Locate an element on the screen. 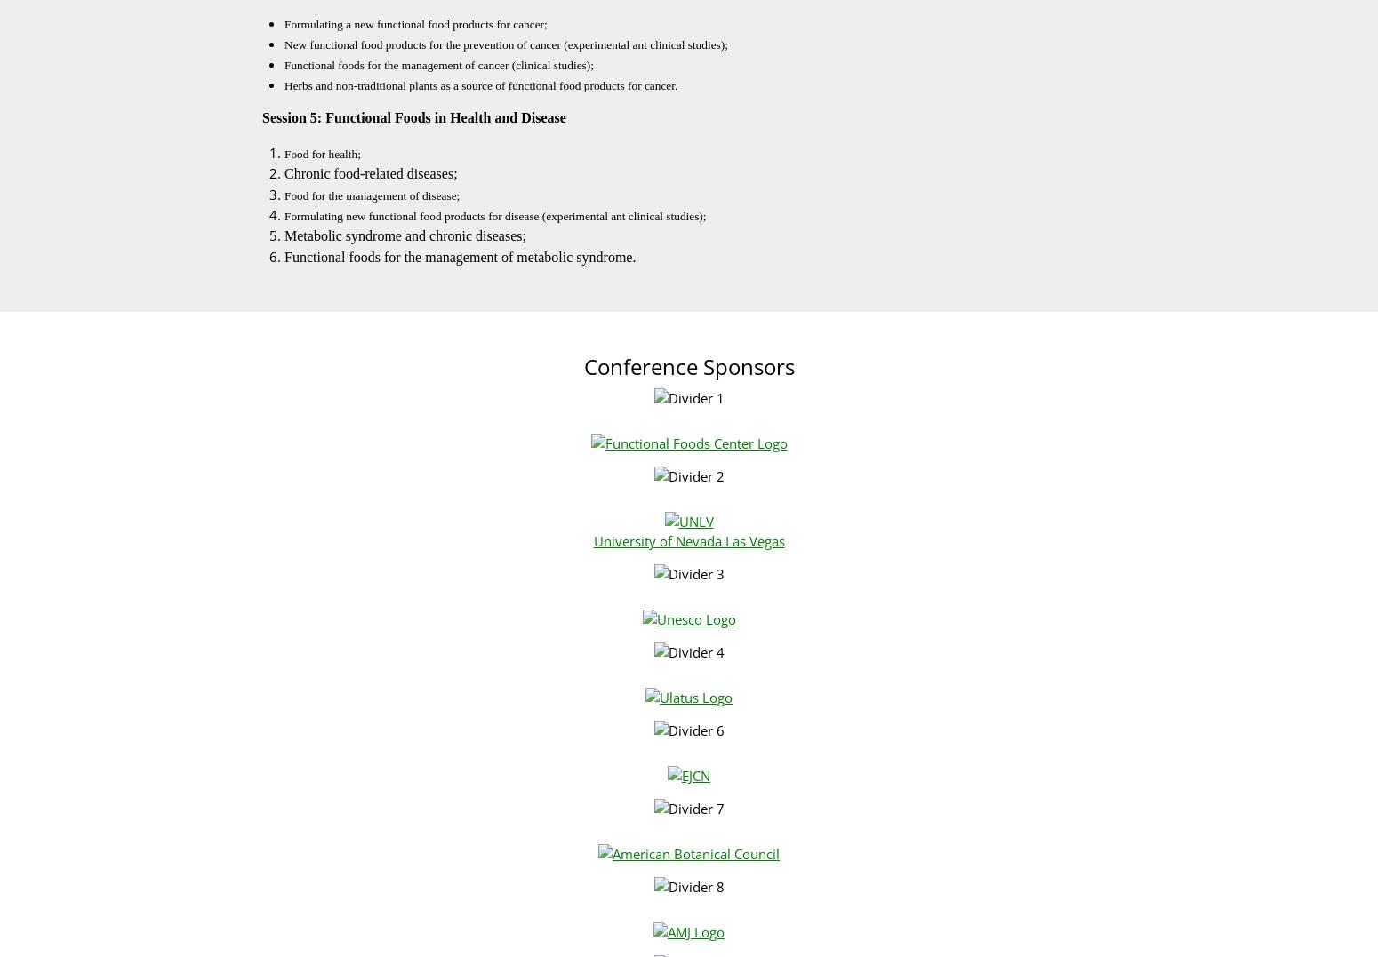  'Formulating a new functional food products for cancer;' is located at coordinates (284, 23).